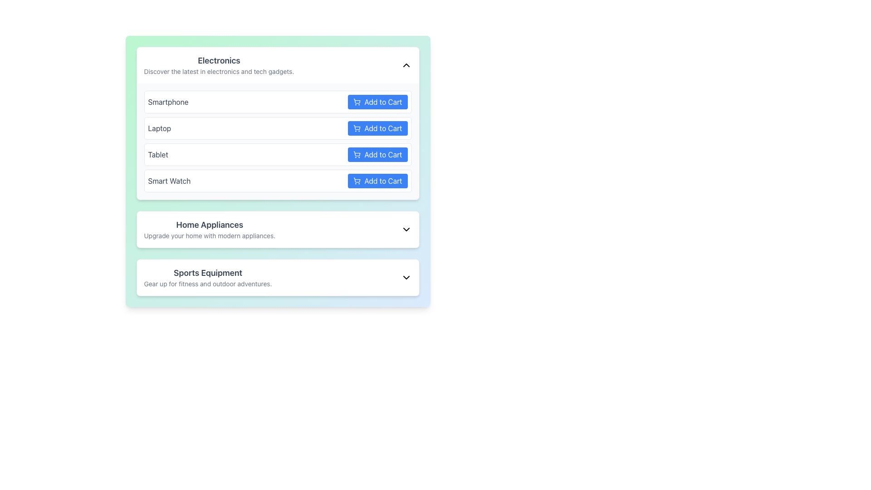 This screenshot has width=871, height=490. What do you see at coordinates (277, 154) in the screenshot?
I see `the 'Tablet' list item in the 'Electronics' section, which is the third item in the vertical list` at bounding box center [277, 154].